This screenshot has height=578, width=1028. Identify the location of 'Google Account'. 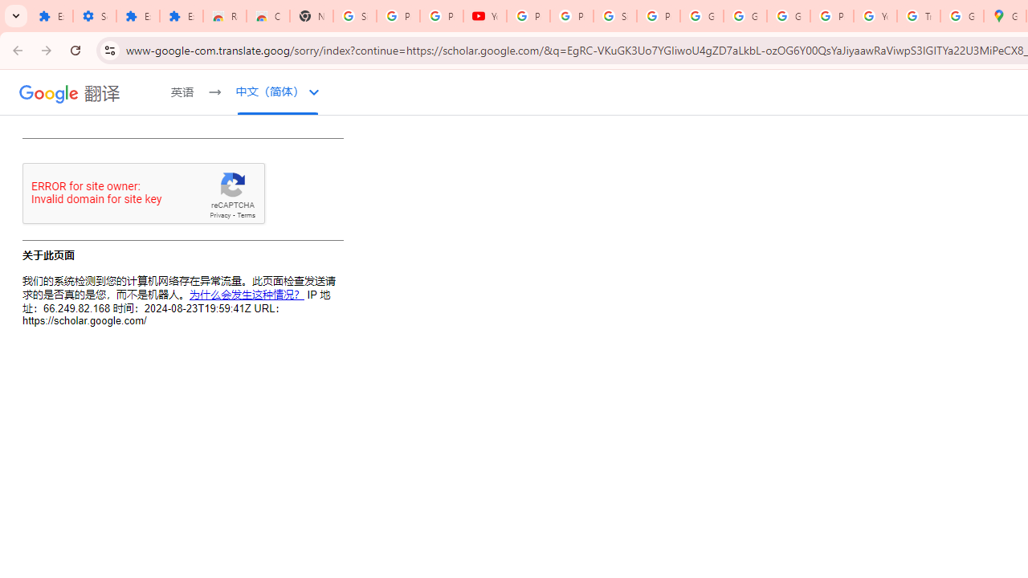
(744, 16).